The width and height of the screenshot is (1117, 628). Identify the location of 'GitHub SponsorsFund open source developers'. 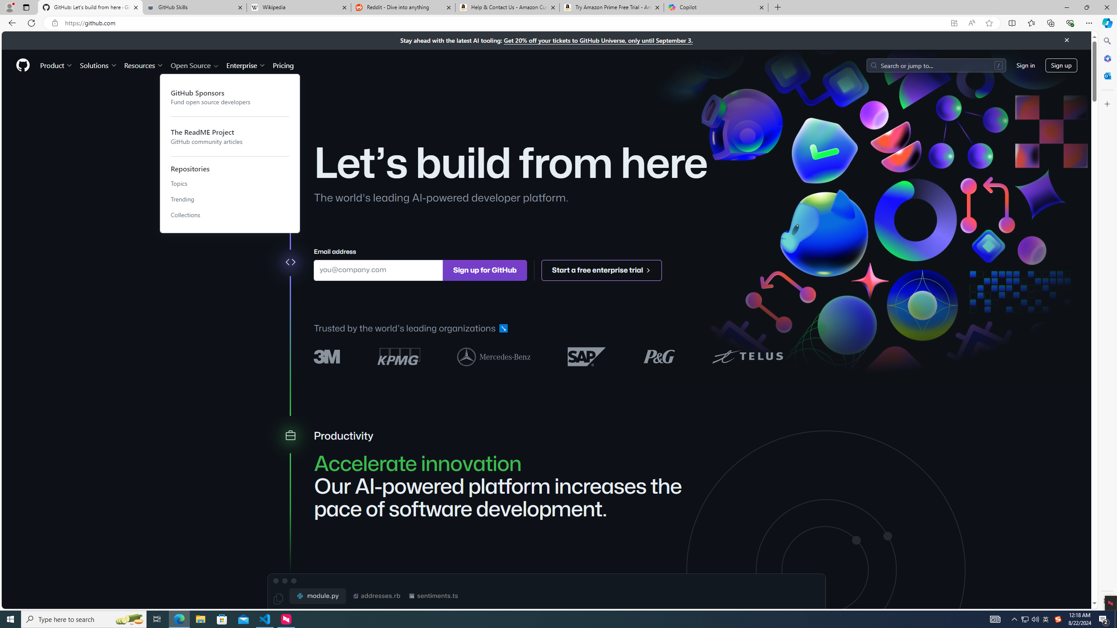
(230, 97).